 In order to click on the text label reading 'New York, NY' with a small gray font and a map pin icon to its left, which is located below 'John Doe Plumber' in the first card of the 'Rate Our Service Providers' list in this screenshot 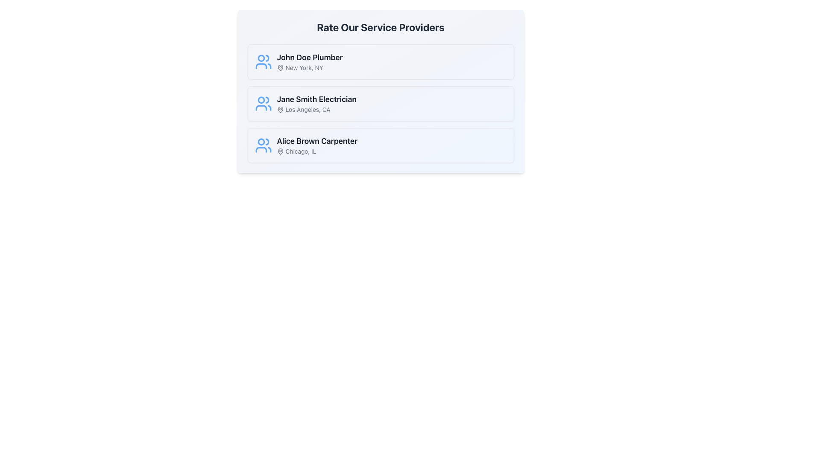, I will do `click(309, 67)`.